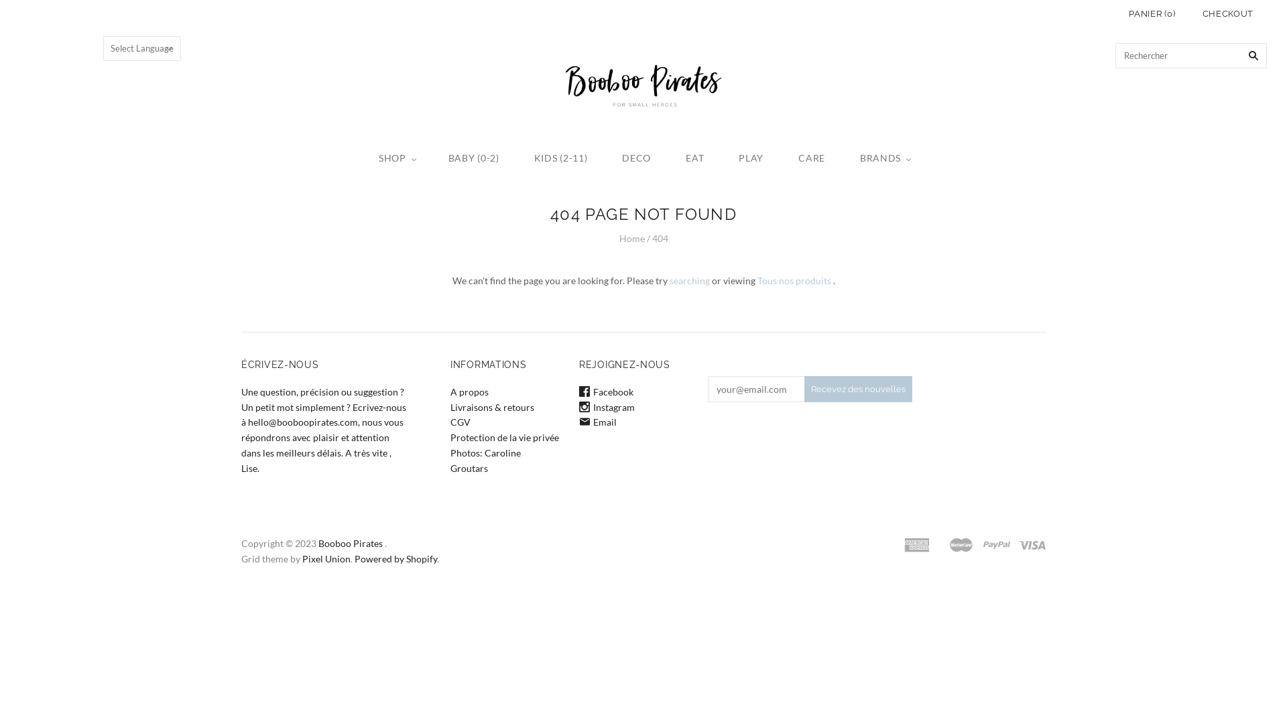 The height and width of the screenshot is (724, 1287). What do you see at coordinates (668, 158) in the screenshot?
I see `'EAT'` at bounding box center [668, 158].